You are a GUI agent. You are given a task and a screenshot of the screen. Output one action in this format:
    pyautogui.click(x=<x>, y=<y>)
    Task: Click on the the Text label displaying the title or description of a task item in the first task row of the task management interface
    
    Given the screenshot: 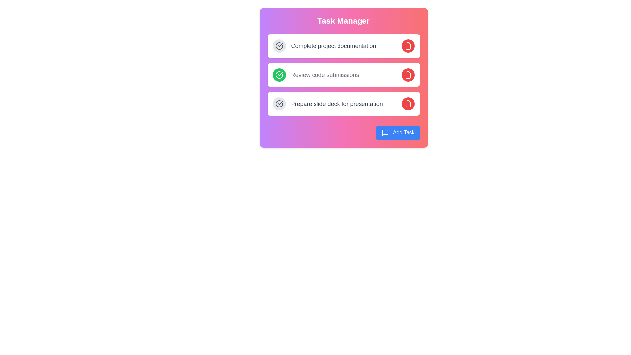 What is the action you would take?
    pyautogui.click(x=334, y=45)
    